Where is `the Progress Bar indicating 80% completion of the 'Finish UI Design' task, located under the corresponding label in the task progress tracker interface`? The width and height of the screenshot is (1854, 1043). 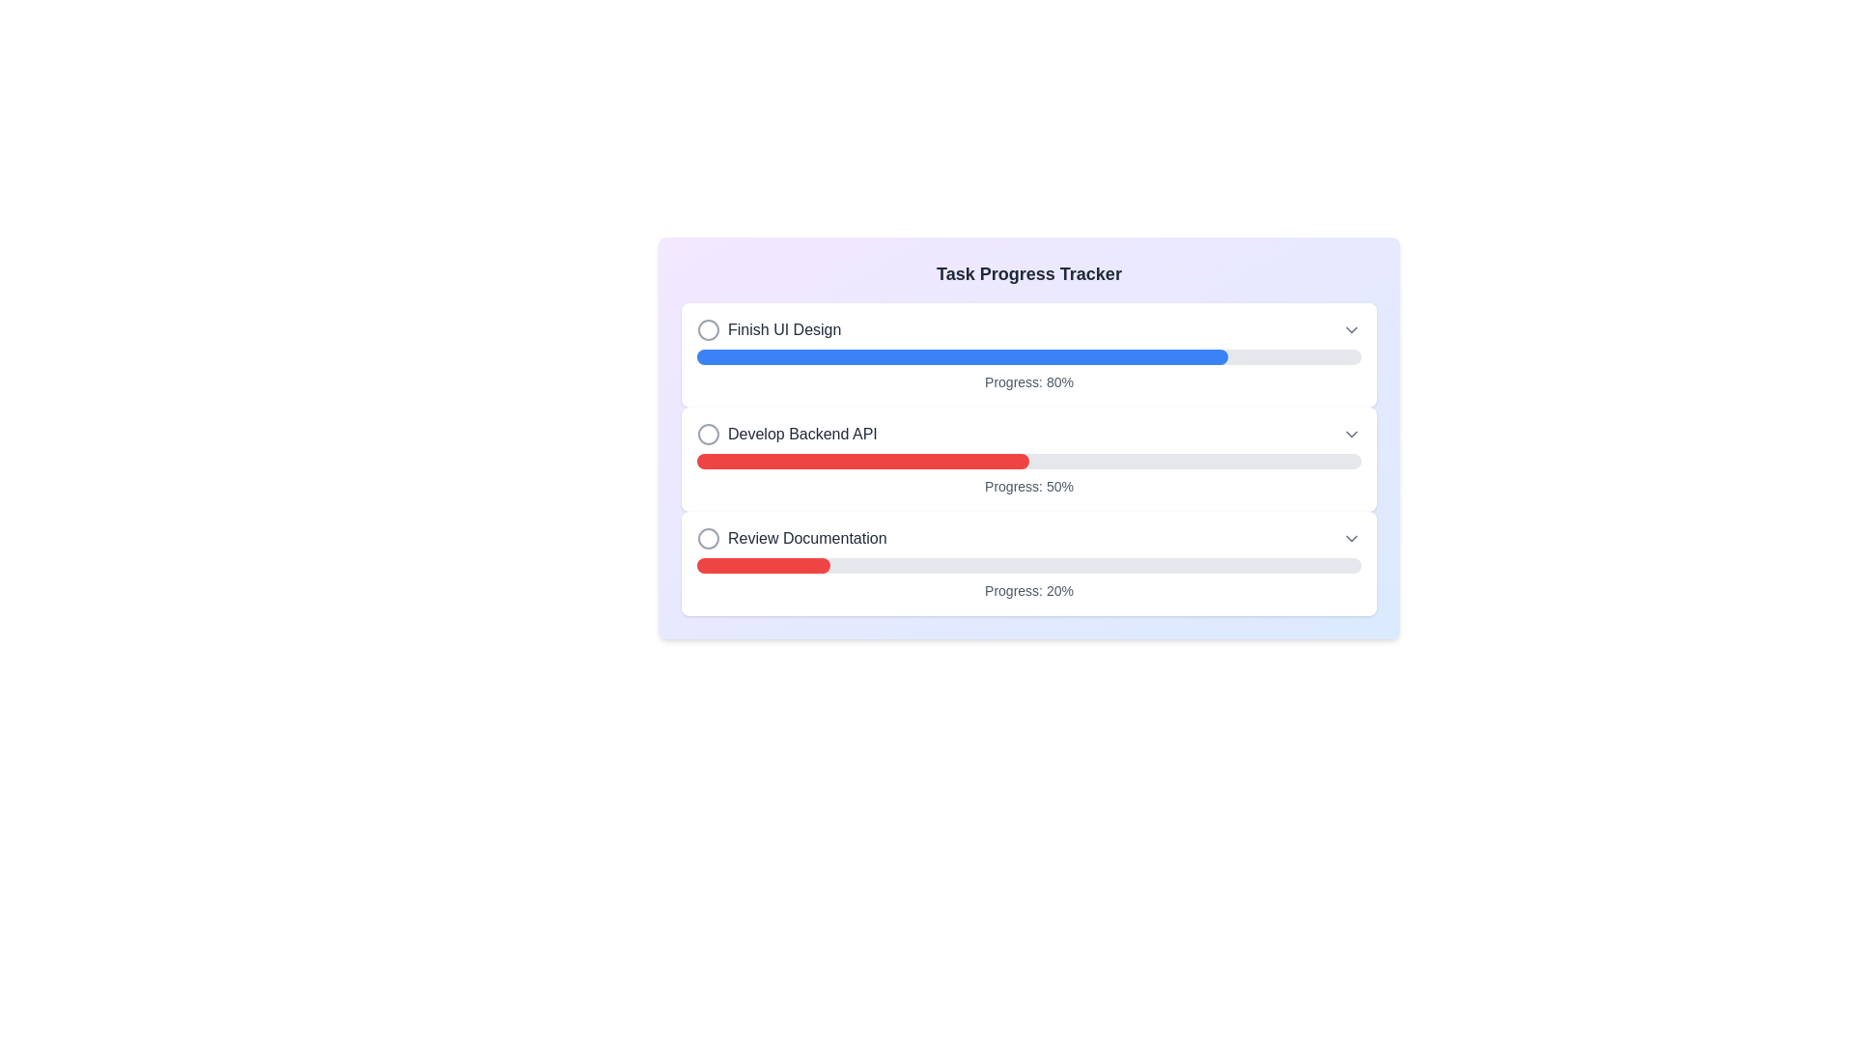
the Progress Bar indicating 80% completion of the 'Finish UI Design' task, located under the corresponding label in the task progress tracker interface is located at coordinates (1027, 357).